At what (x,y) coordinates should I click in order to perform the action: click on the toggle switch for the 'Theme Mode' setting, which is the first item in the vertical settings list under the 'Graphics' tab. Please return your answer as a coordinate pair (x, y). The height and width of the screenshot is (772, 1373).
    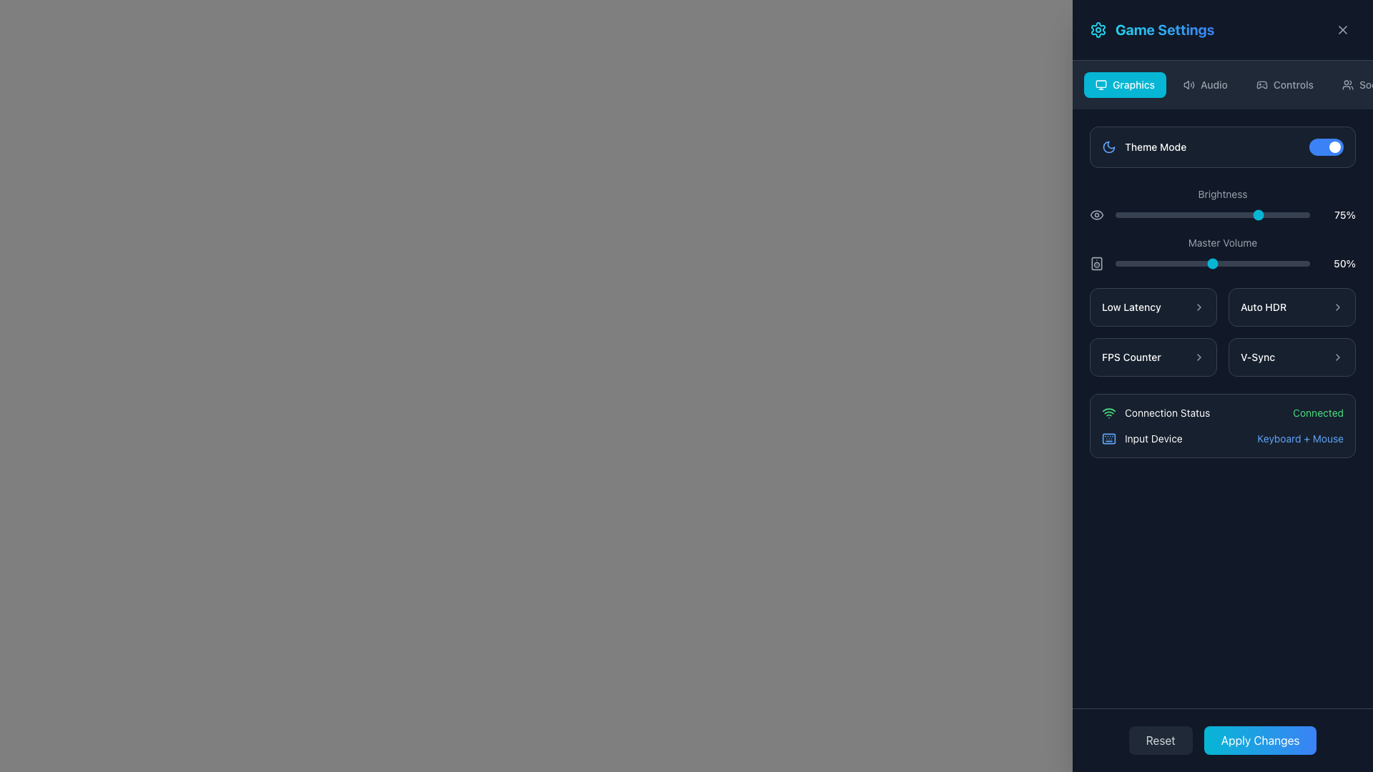
    Looking at the image, I should click on (1221, 147).